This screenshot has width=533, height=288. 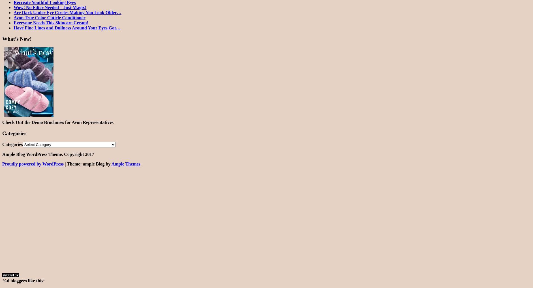 I want to click on 'Check Out the Demo Brochures for Avon Representatives.', so click(x=58, y=122).